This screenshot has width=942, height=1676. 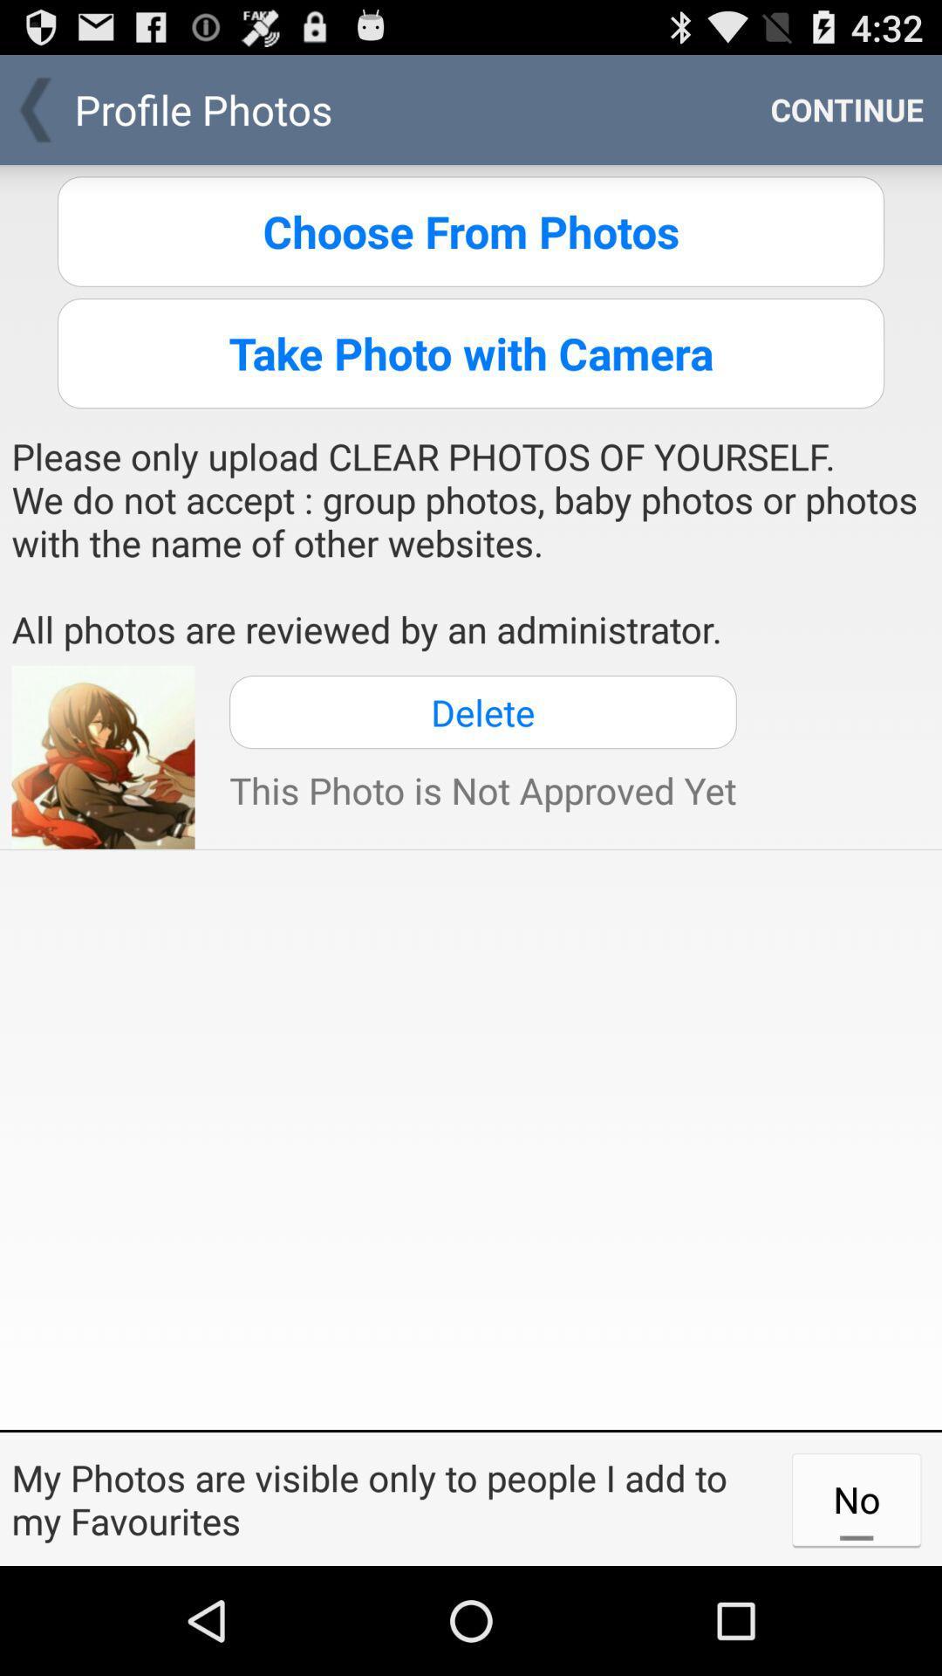 What do you see at coordinates (471, 230) in the screenshot?
I see `first option` at bounding box center [471, 230].